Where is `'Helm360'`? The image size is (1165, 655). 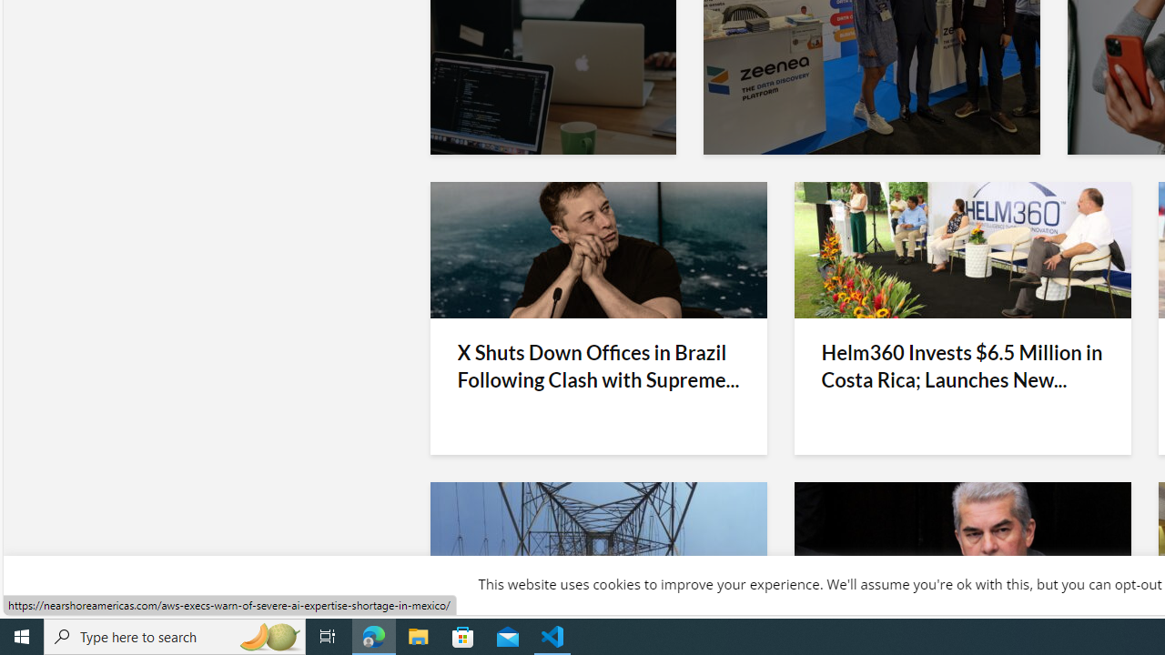
'Helm360' is located at coordinates (961, 250).